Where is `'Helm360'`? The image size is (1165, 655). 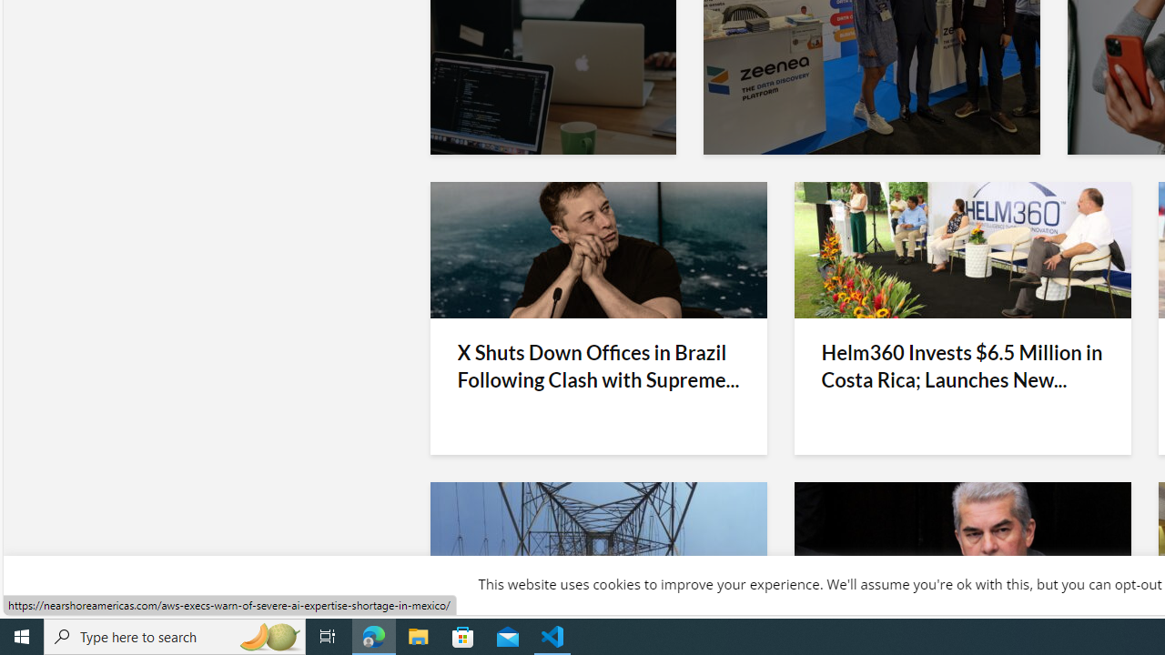
'Helm360' is located at coordinates (961, 250).